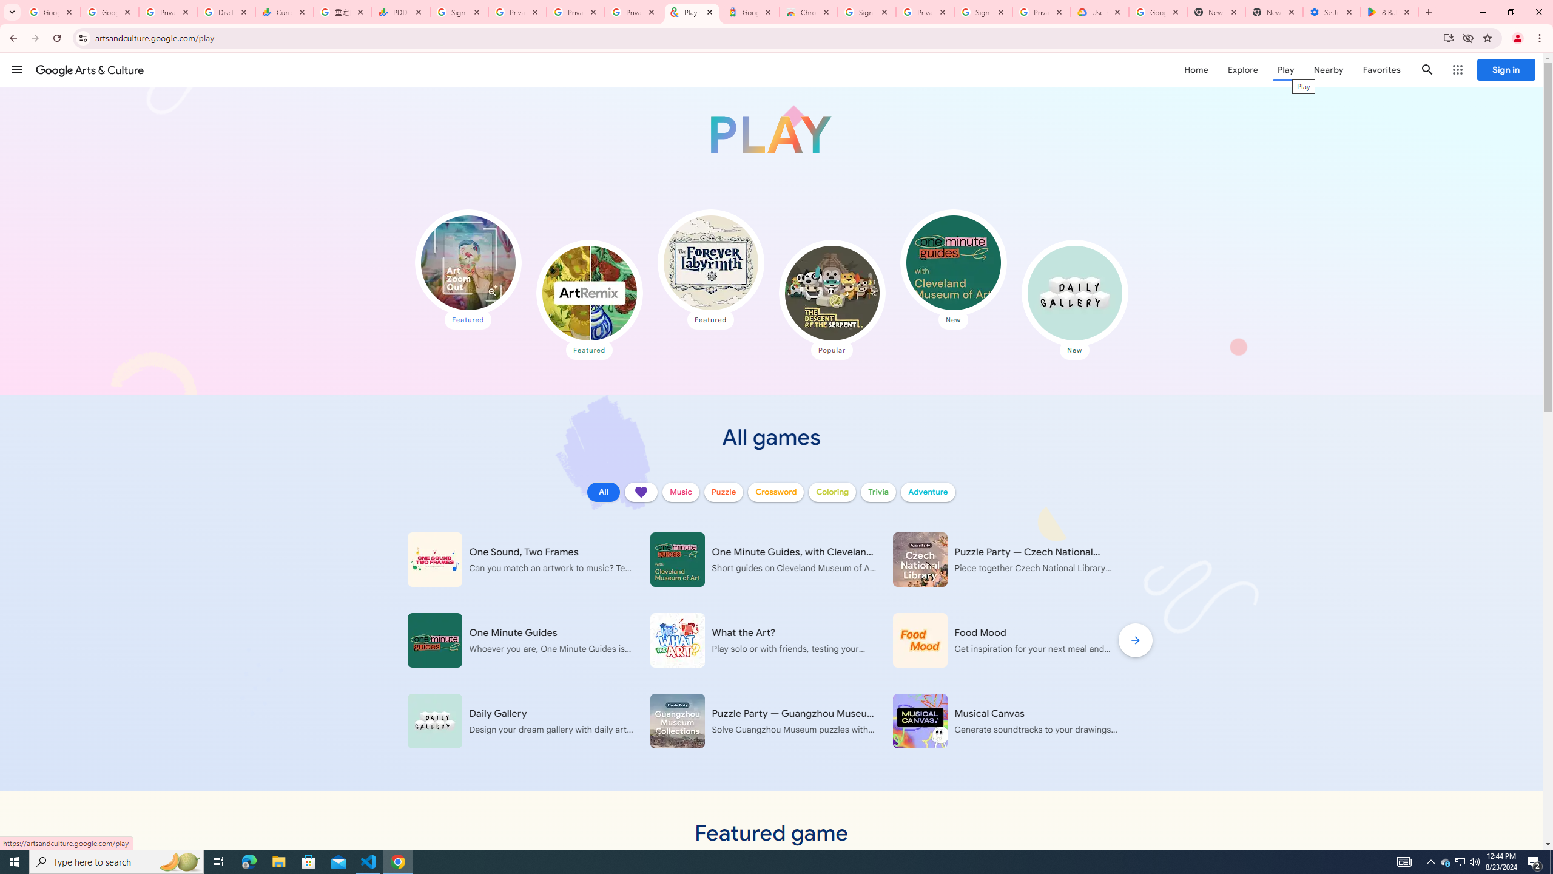  What do you see at coordinates (1389, 12) in the screenshot?
I see `'8 Ball Pool - Apps on Google Play'` at bounding box center [1389, 12].